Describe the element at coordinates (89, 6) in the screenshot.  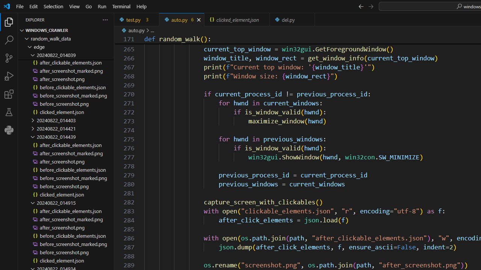
I see `'Go'` at that location.